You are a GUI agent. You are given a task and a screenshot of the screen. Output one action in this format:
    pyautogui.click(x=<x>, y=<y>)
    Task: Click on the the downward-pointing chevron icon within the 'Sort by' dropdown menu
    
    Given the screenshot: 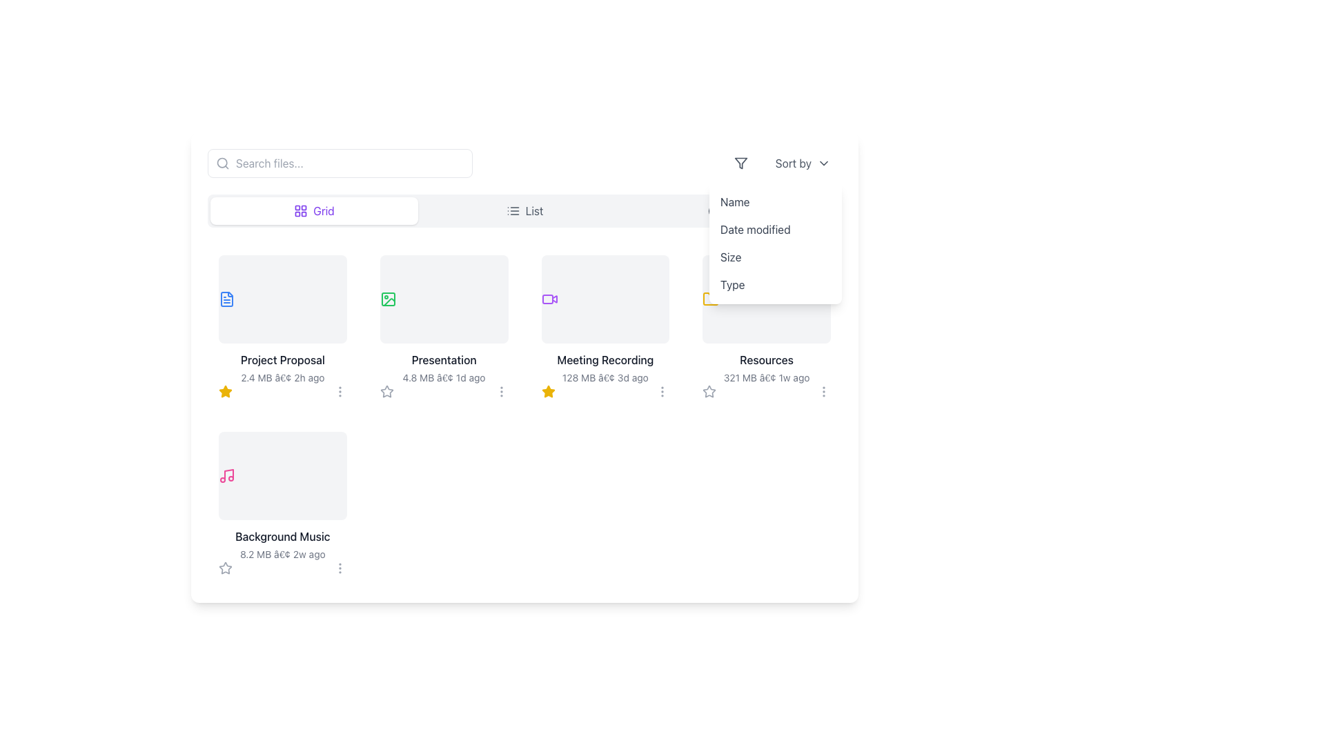 What is the action you would take?
    pyautogui.click(x=824, y=162)
    